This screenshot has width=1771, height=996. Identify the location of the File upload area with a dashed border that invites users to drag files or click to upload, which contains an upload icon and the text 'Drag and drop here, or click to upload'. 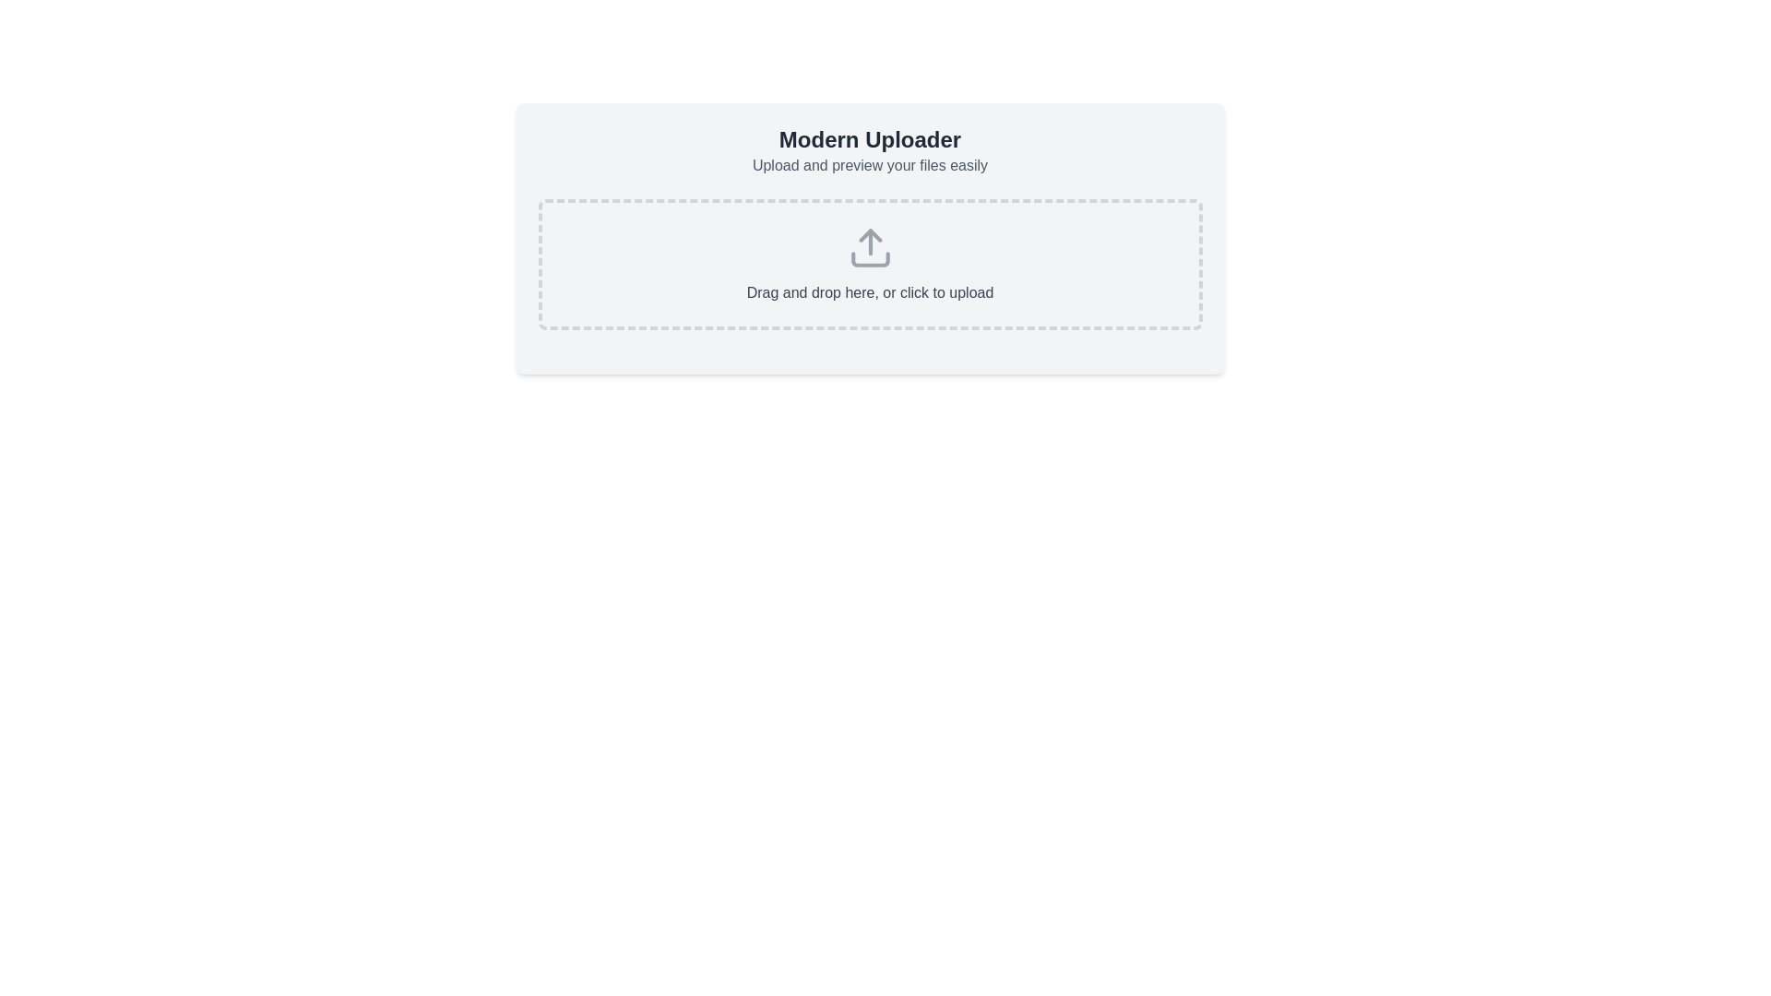
(869, 264).